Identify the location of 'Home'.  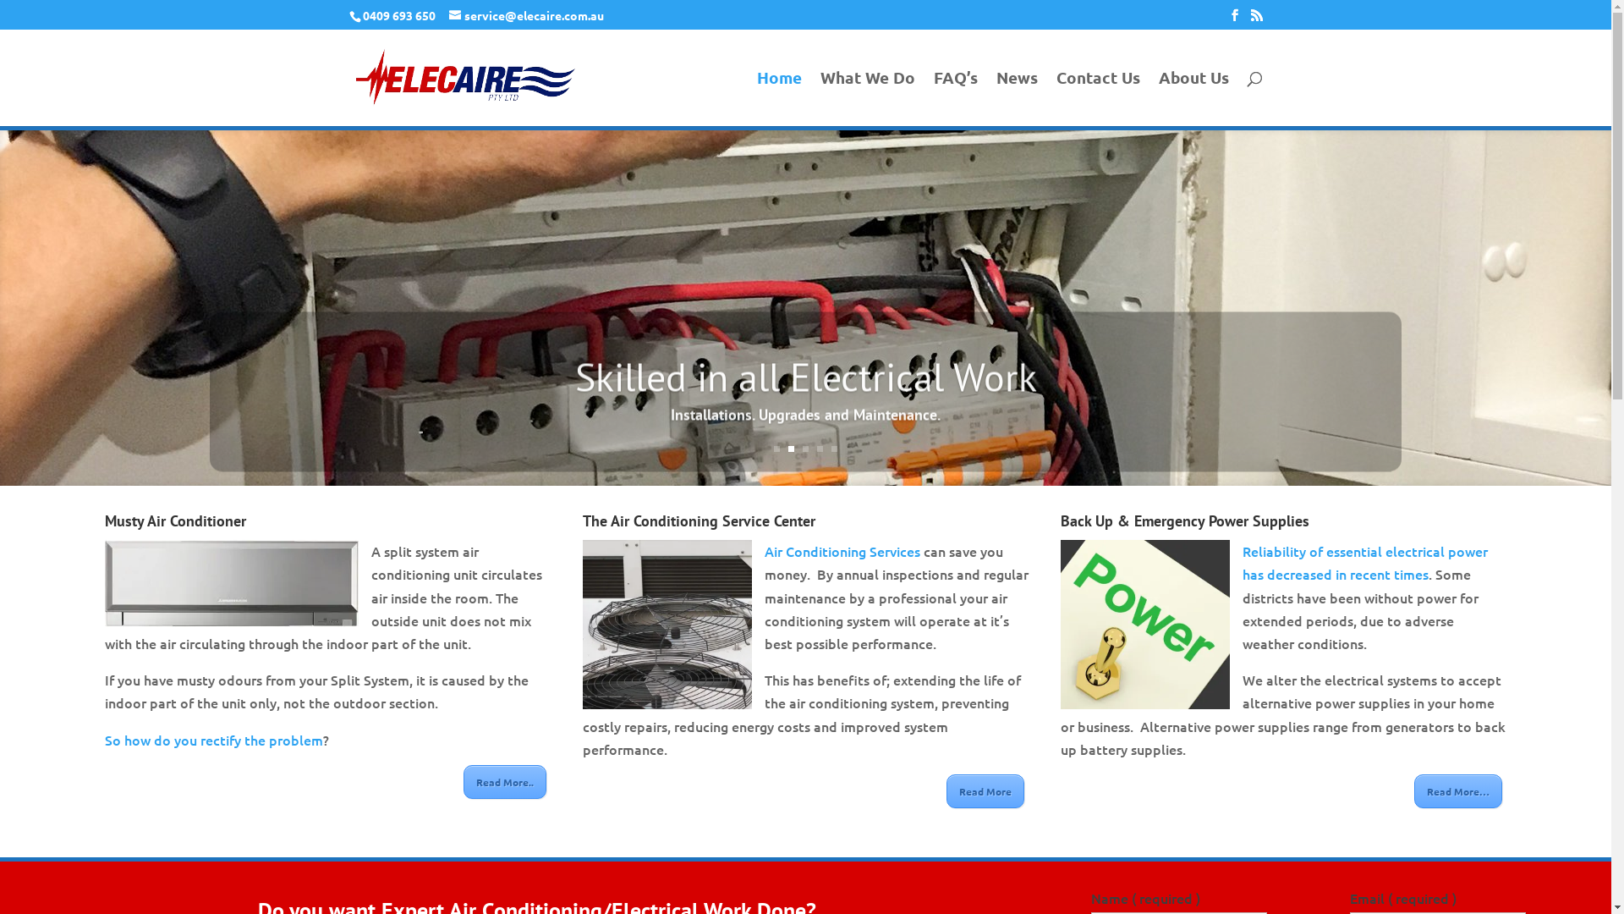
(777, 98).